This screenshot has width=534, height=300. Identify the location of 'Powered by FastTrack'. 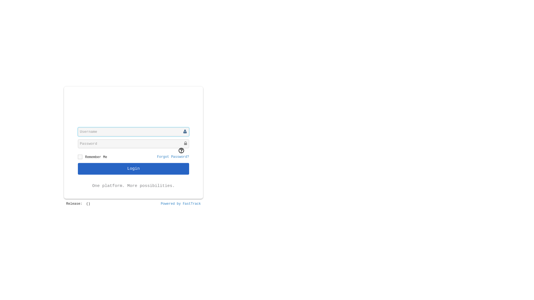
(181, 204).